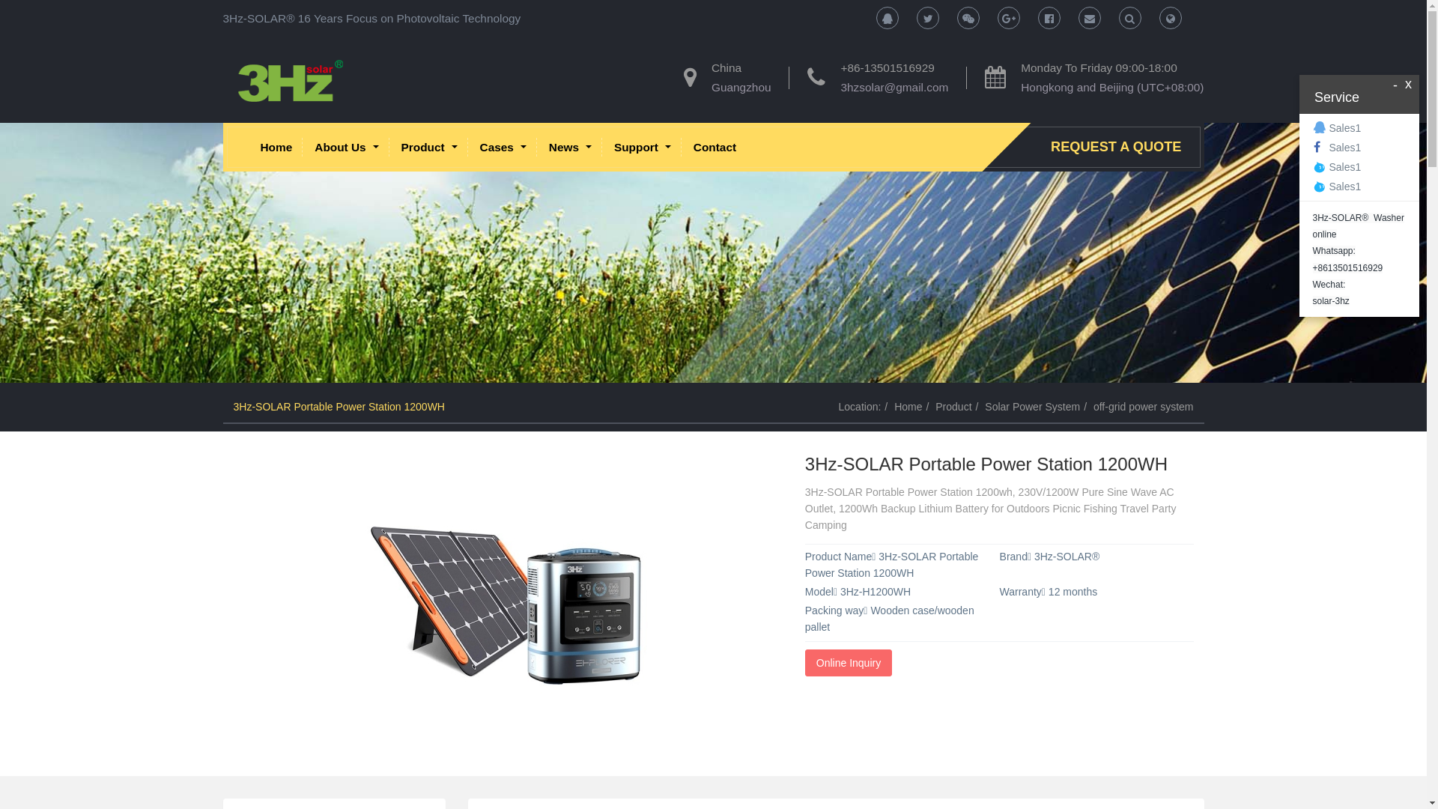 The height and width of the screenshot is (809, 1438). What do you see at coordinates (848, 661) in the screenshot?
I see `'Online Inquiry'` at bounding box center [848, 661].